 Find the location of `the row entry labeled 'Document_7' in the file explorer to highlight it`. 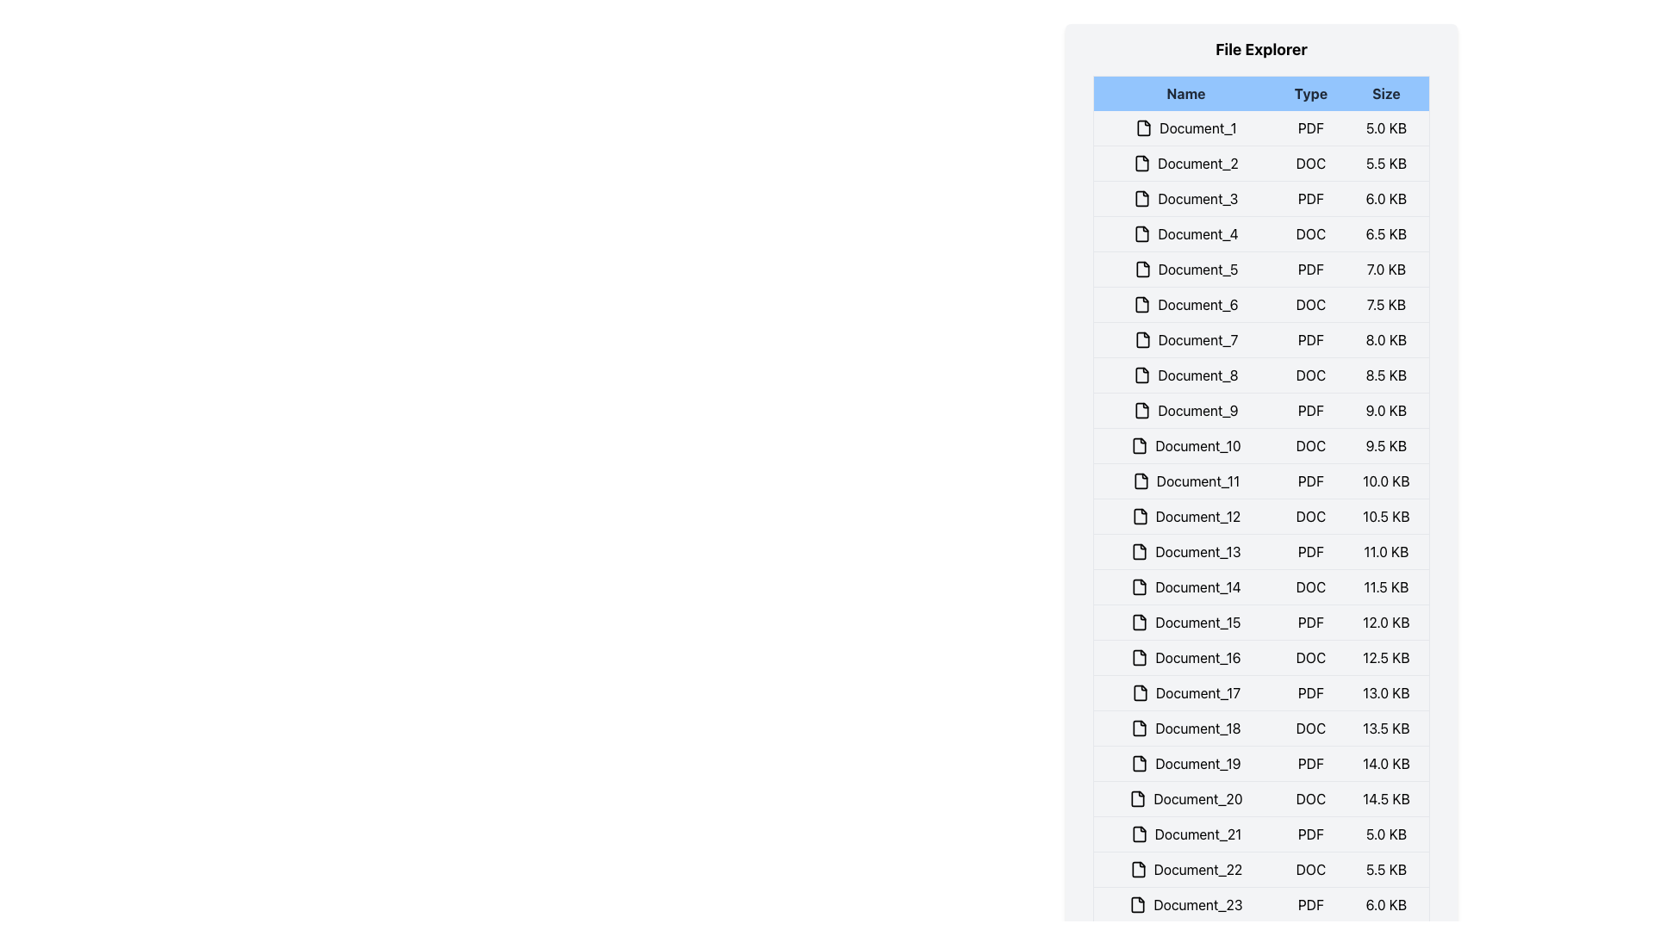

the row entry labeled 'Document_7' in the file explorer to highlight it is located at coordinates (1261, 339).